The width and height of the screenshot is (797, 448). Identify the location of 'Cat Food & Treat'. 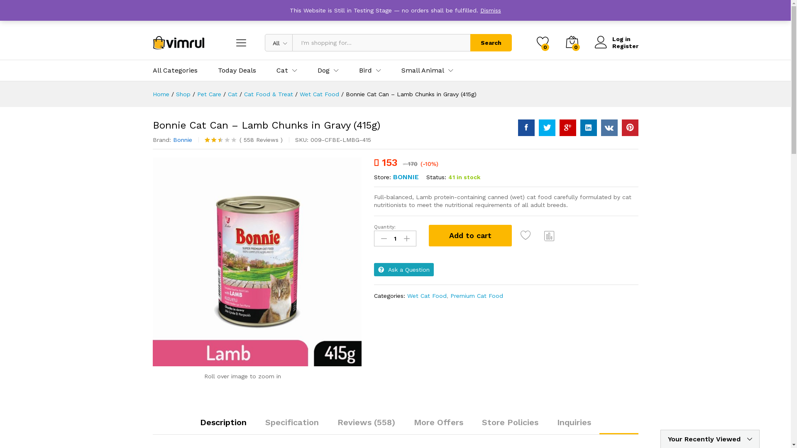
(269, 94).